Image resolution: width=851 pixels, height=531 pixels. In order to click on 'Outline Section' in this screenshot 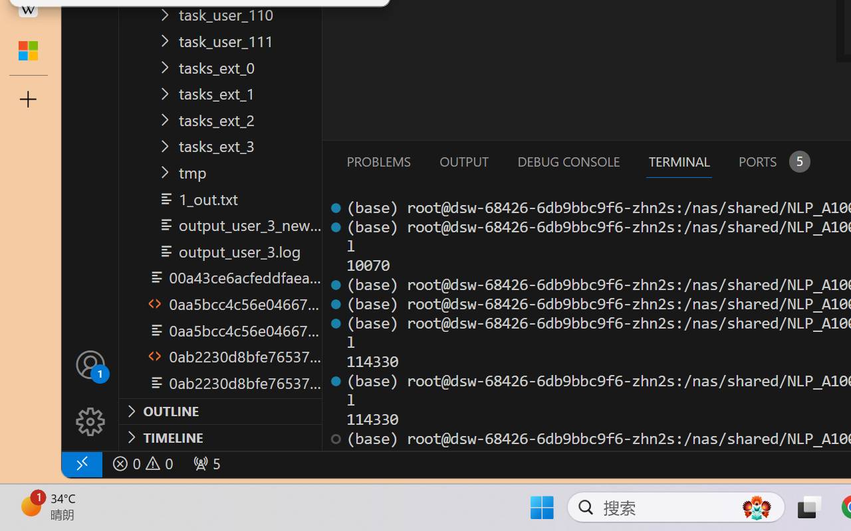, I will do `click(220, 411)`.